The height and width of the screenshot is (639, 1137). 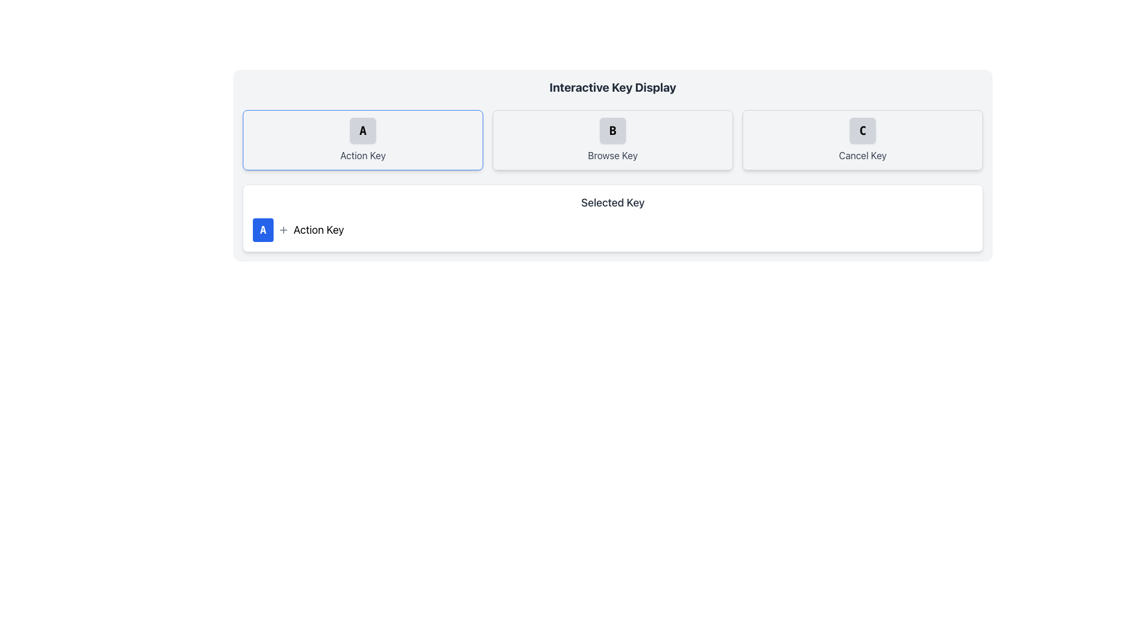 What do you see at coordinates (863, 139) in the screenshot?
I see `the 'Cancel Key' button, which is a rectangular button with a light gray background, a bold capital 'C' at the top, and is the third button in a row of three, located at the top right of the interface` at bounding box center [863, 139].